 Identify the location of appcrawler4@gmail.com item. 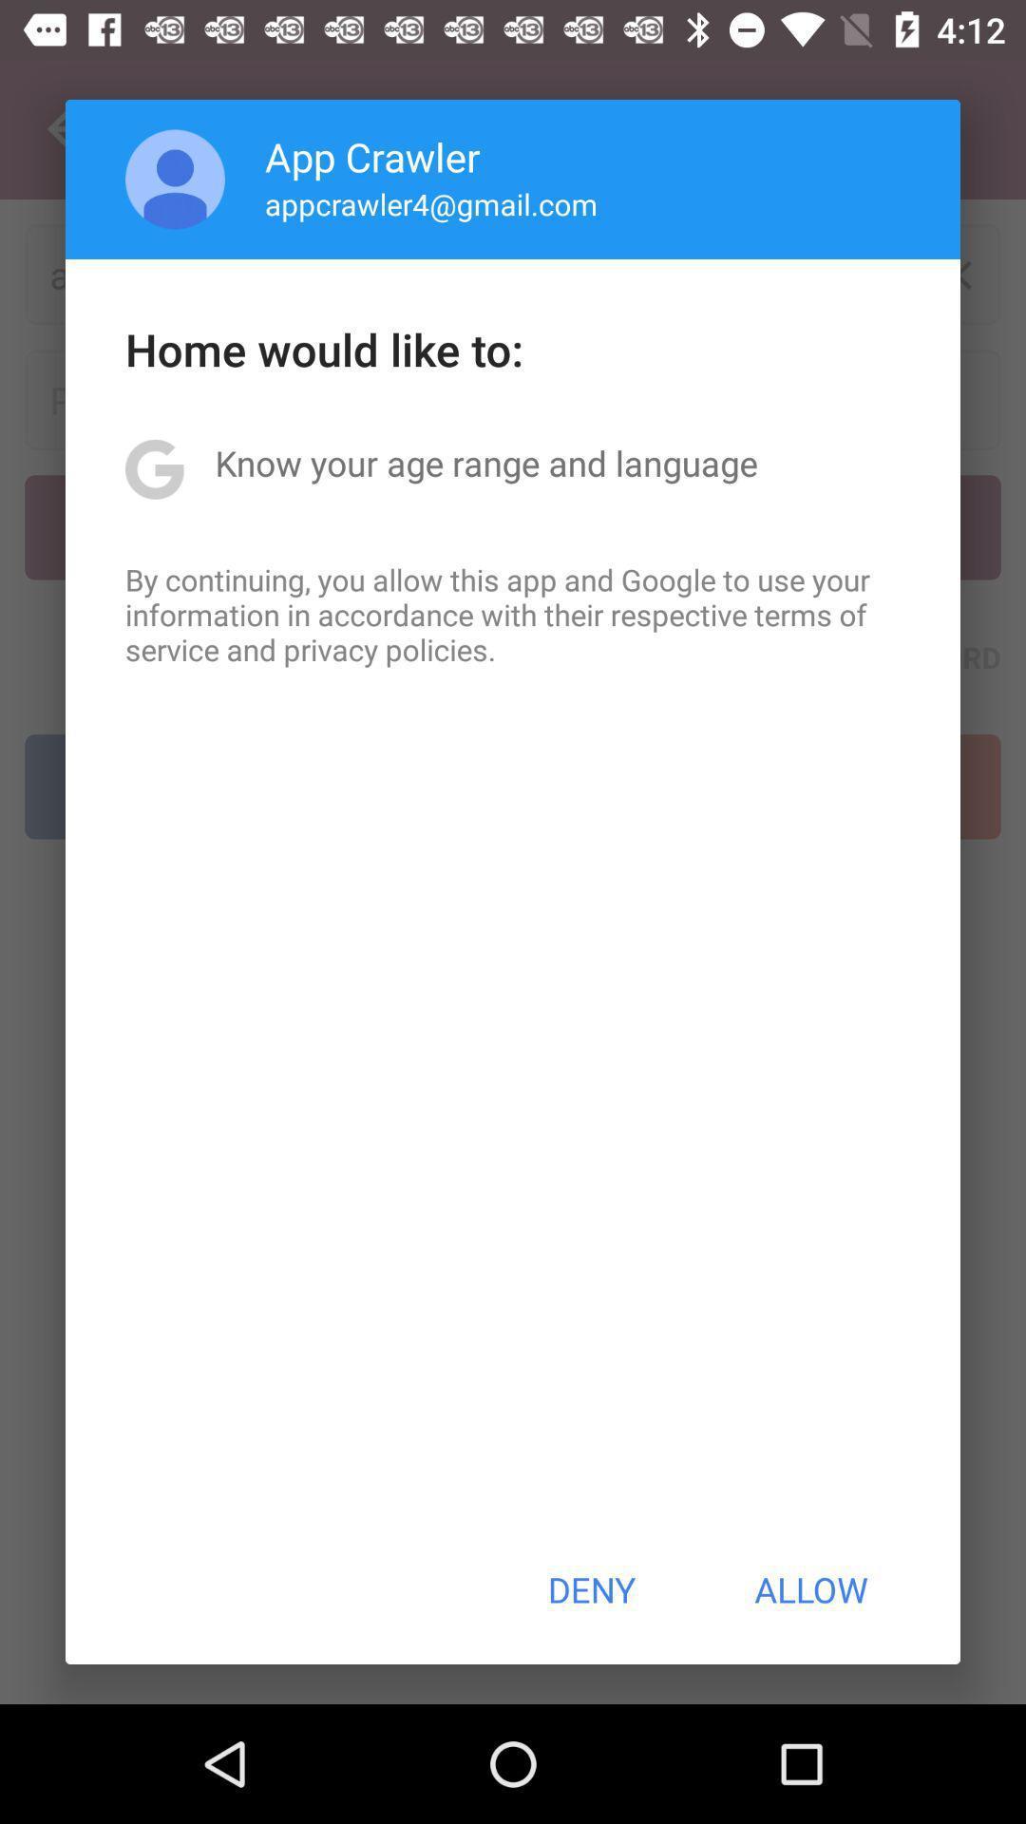
(431, 203).